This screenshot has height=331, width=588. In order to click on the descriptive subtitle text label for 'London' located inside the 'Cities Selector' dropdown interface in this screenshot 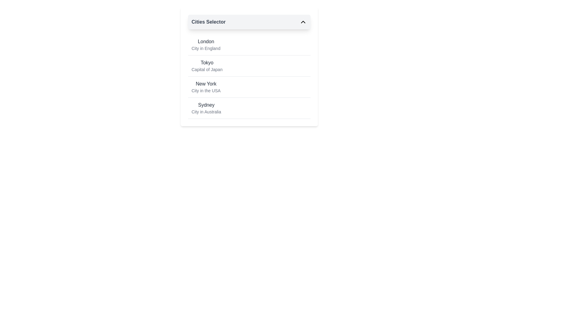, I will do `click(206, 48)`.